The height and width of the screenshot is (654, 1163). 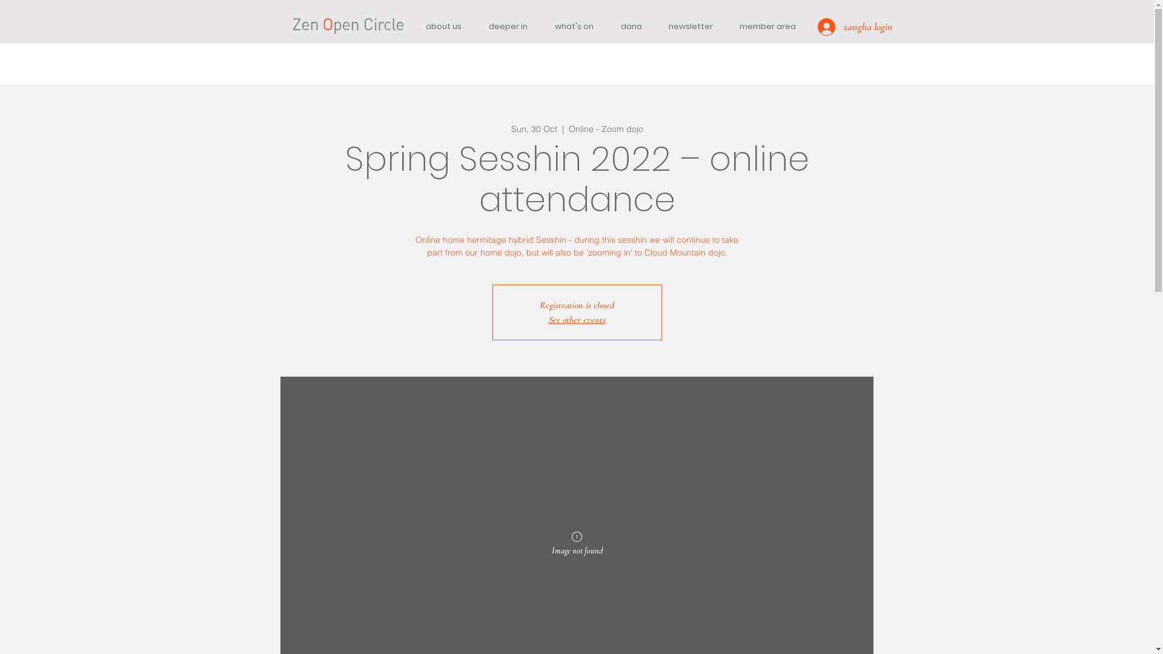 I want to click on 'dana', so click(x=630, y=26).